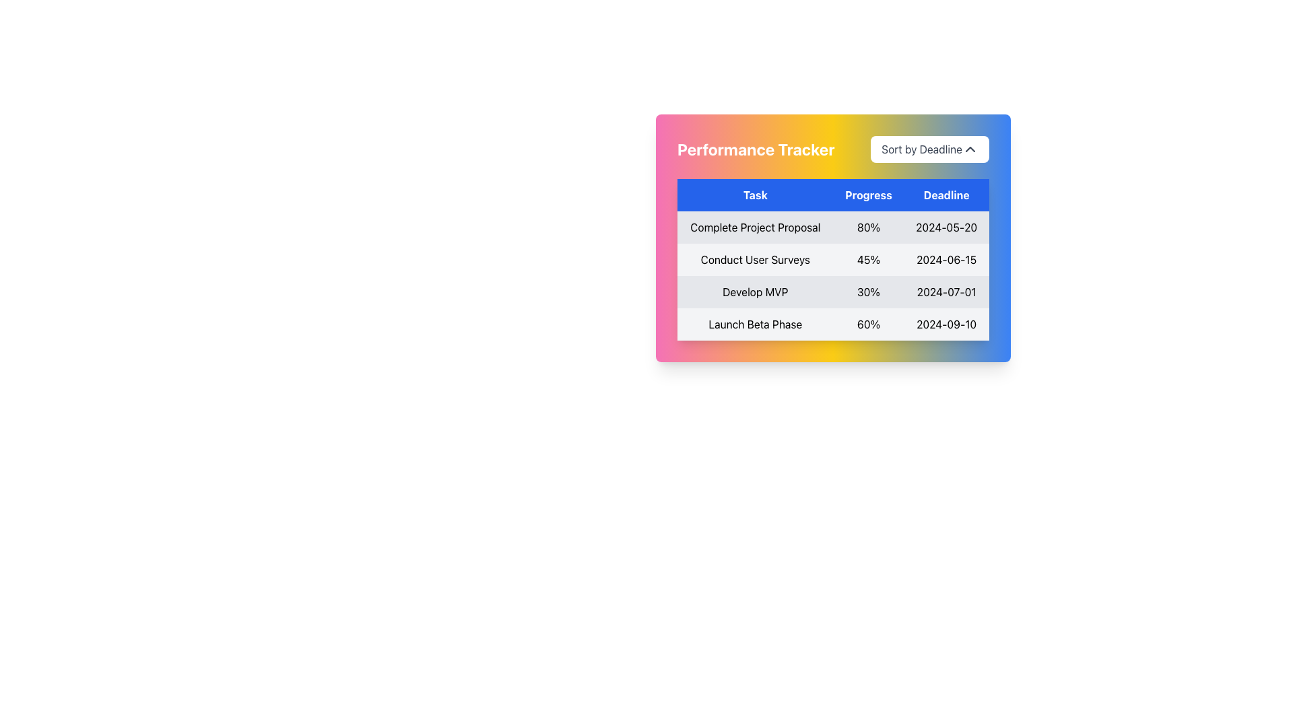 The image size is (1293, 727). I want to click on text from the 'Task' label in the first column header of the table, which is displayed in white text on a blue background, so click(755, 195).